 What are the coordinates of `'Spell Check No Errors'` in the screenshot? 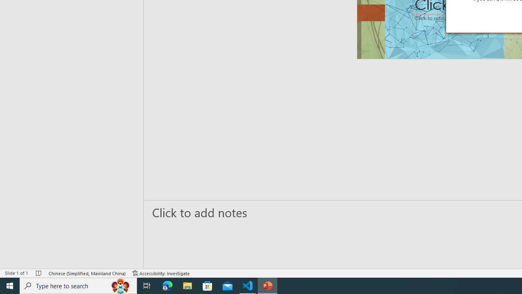 It's located at (39, 273).